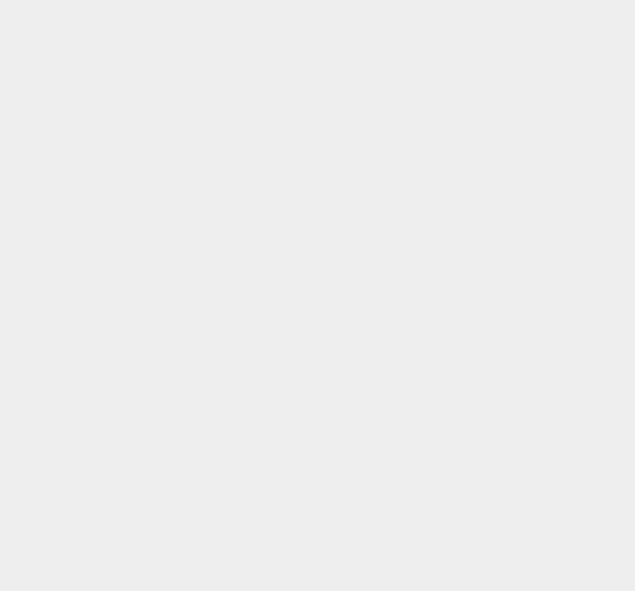  What do you see at coordinates (448, 182) in the screenshot?
I see `'Google Play Store'` at bounding box center [448, 182].